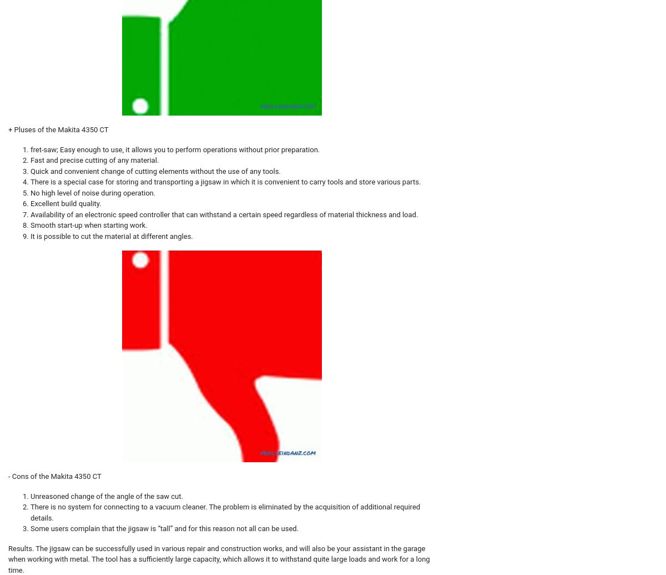  Describe the element at coordinates (94, 160) in the screenshot. I see `'Fast and precise cutting of any material.'` at that location.